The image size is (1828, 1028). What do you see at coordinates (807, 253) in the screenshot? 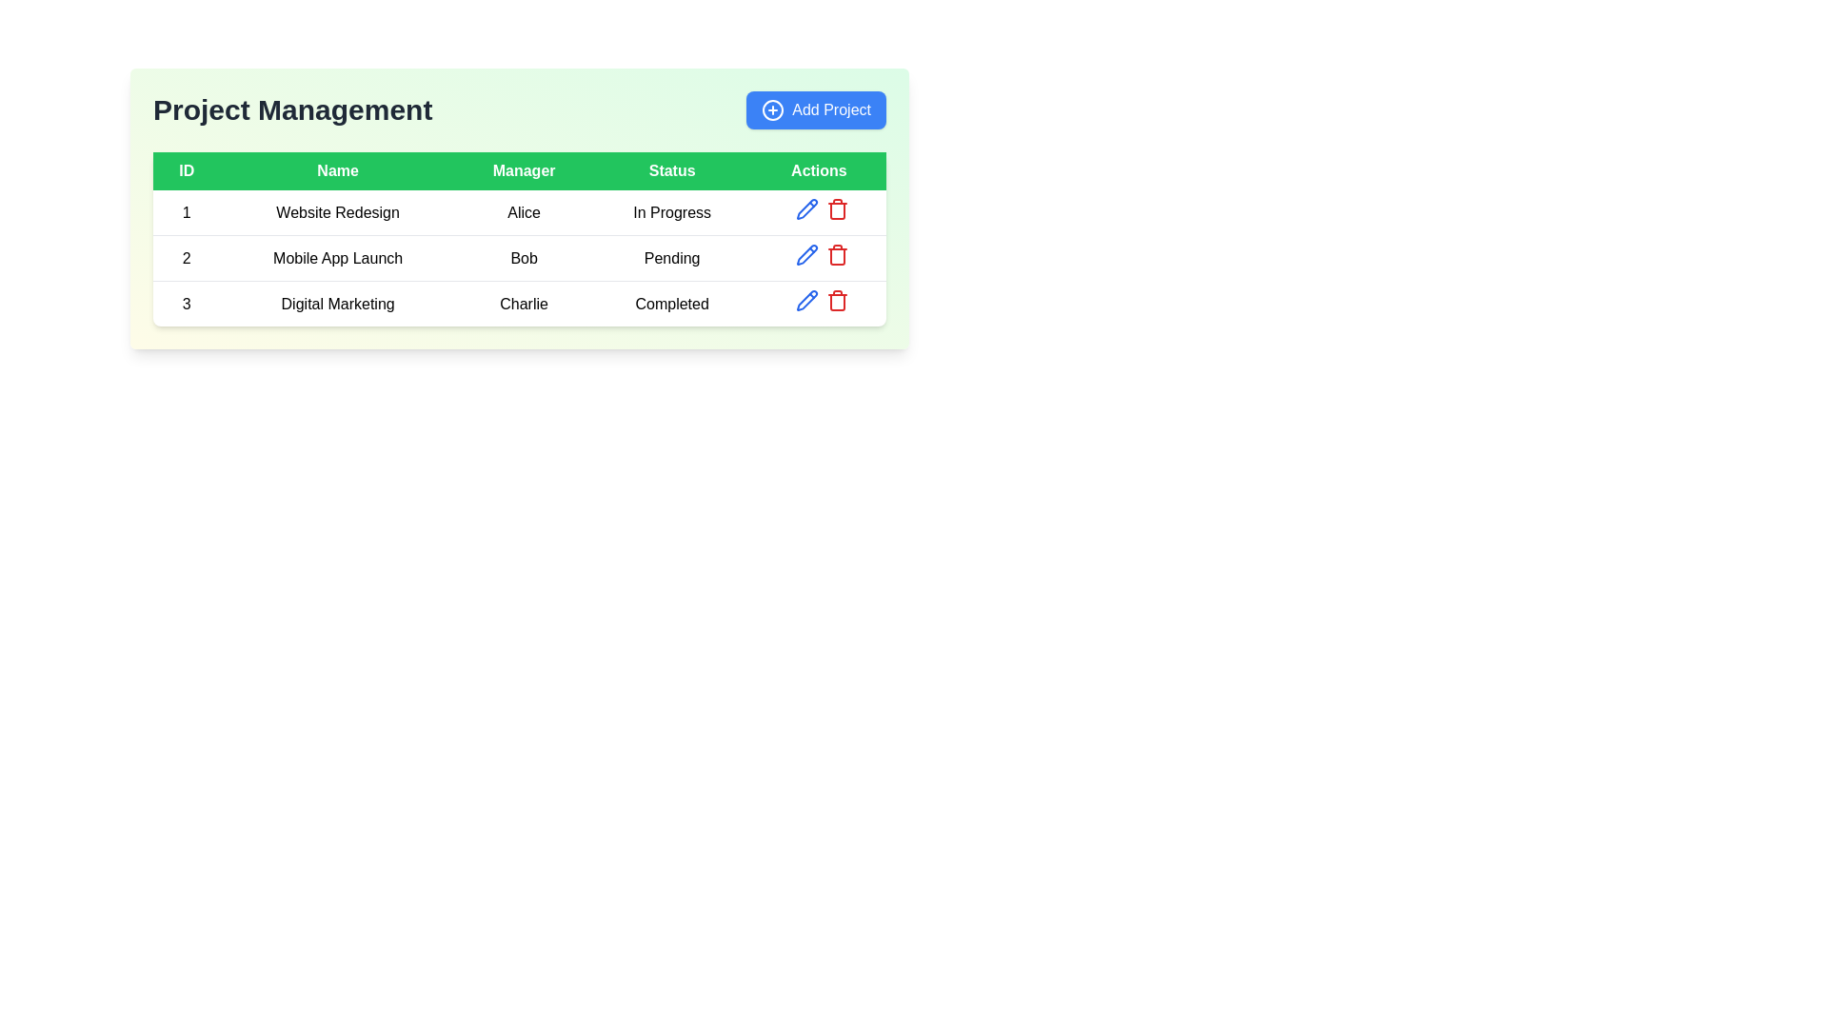
I see `the 'Edit' icon button located in the rightmost cell of the second row of the table in the 'Actions' column` at bounding box center [807, 253].